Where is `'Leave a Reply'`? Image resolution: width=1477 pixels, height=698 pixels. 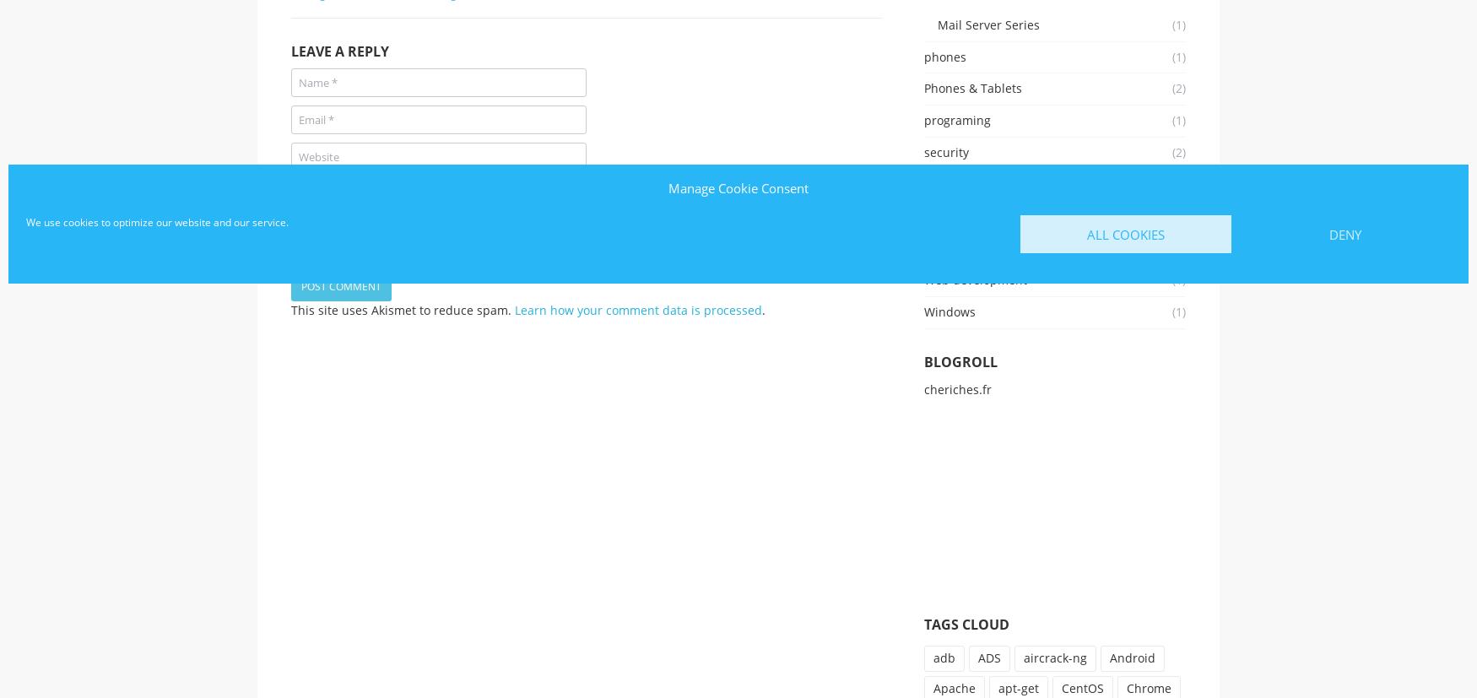 'Leave a Reply' is located at coordinates (339, 50).